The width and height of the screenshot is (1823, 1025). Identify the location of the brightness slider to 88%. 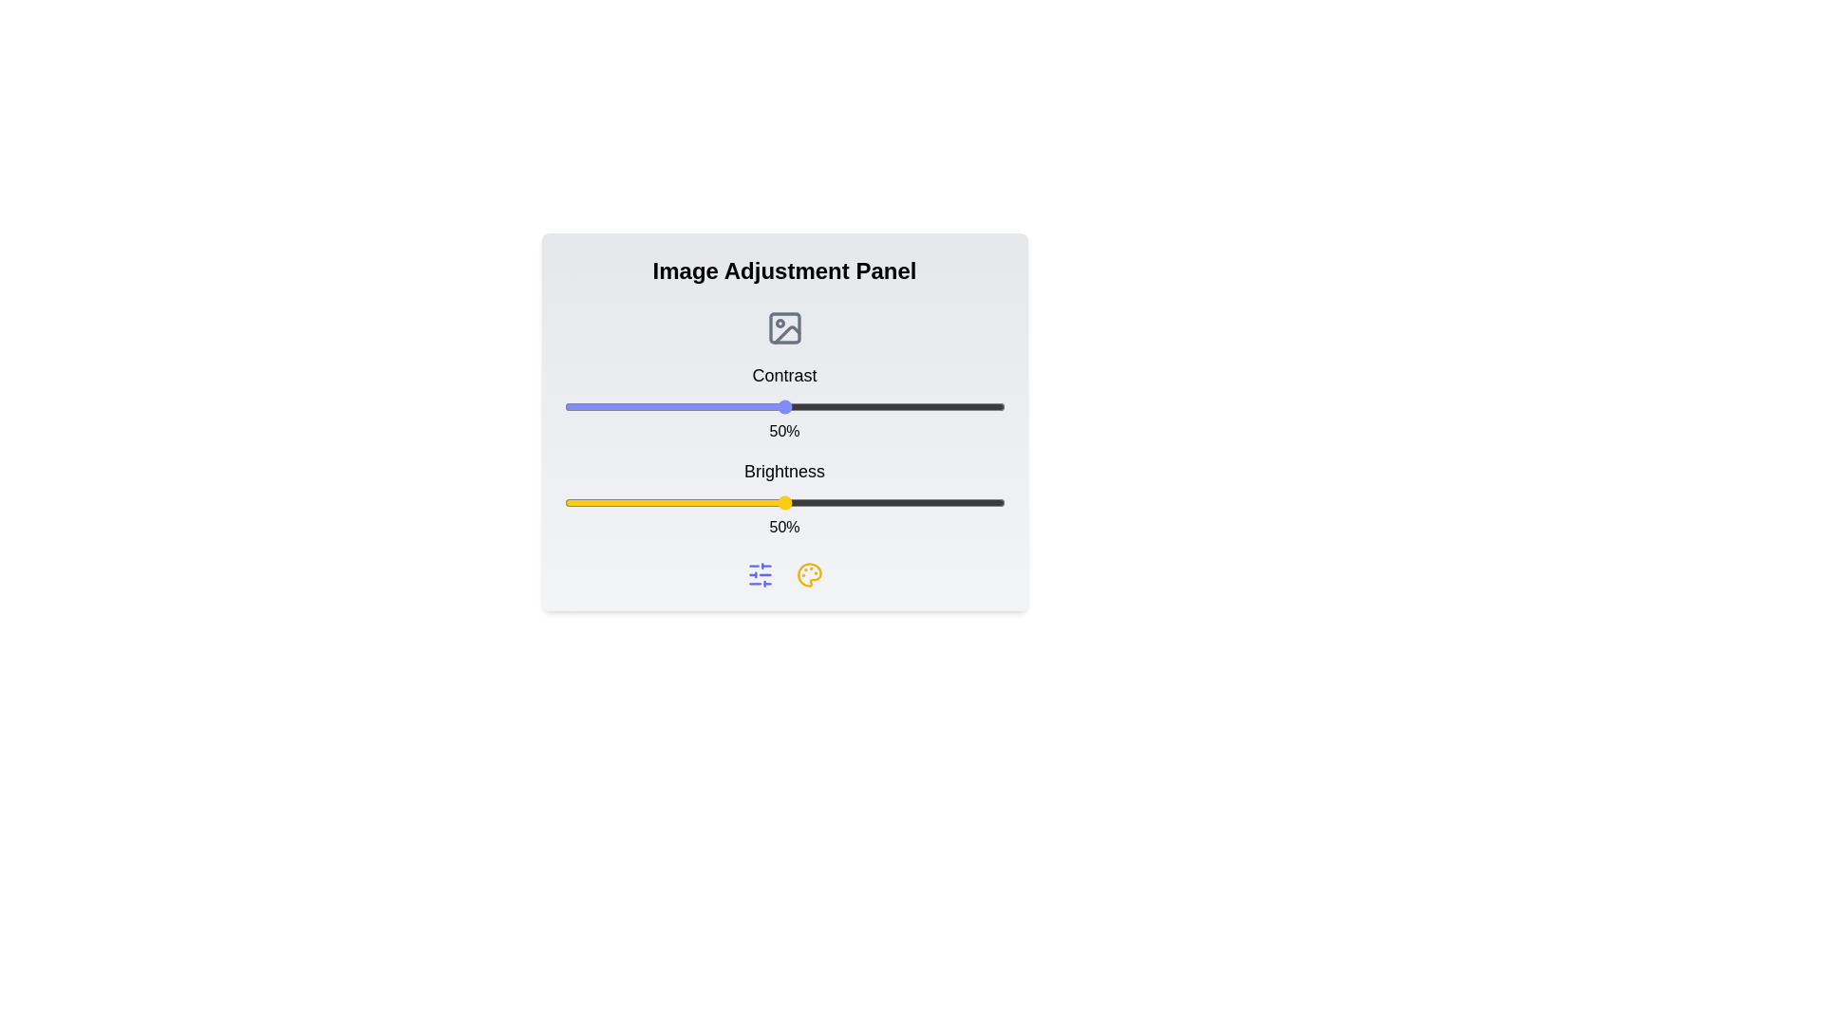
(951, 501).